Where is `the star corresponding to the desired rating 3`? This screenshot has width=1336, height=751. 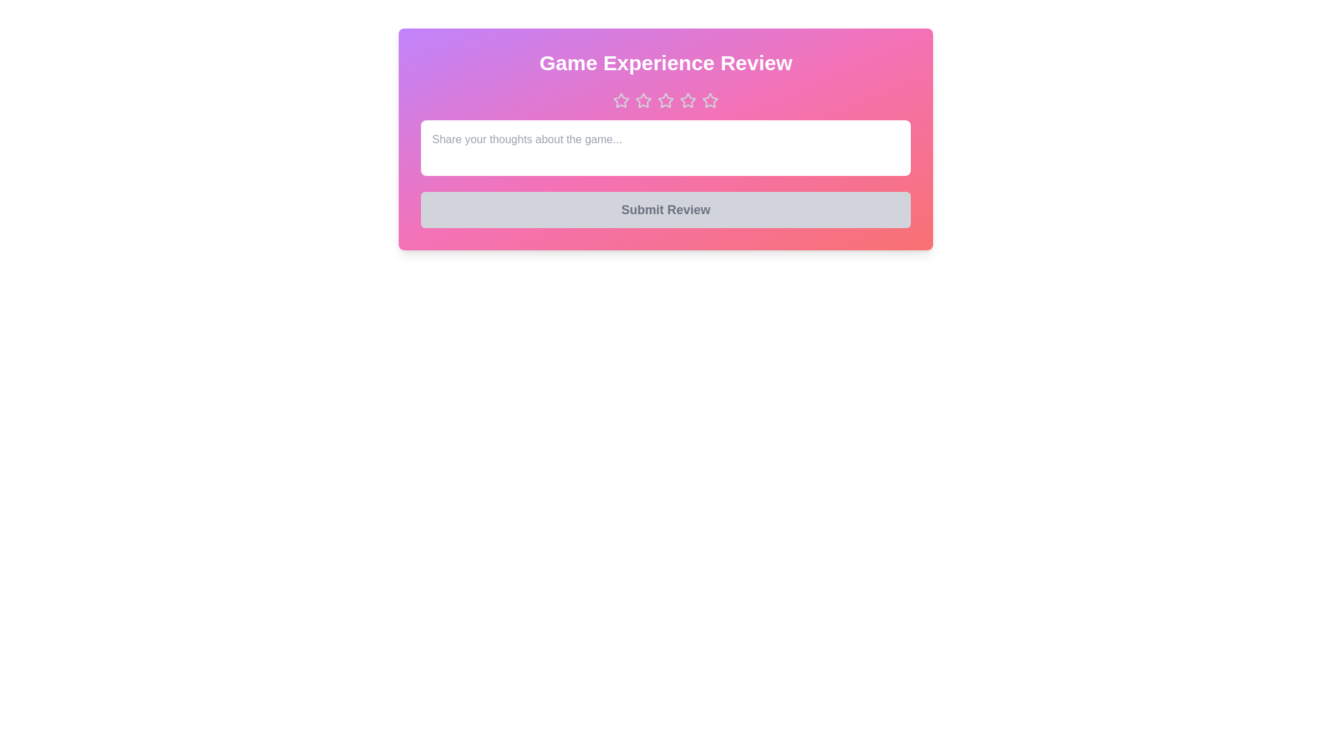
the star corresponding to the desired rating 3 is located at coordinates (665, 100).